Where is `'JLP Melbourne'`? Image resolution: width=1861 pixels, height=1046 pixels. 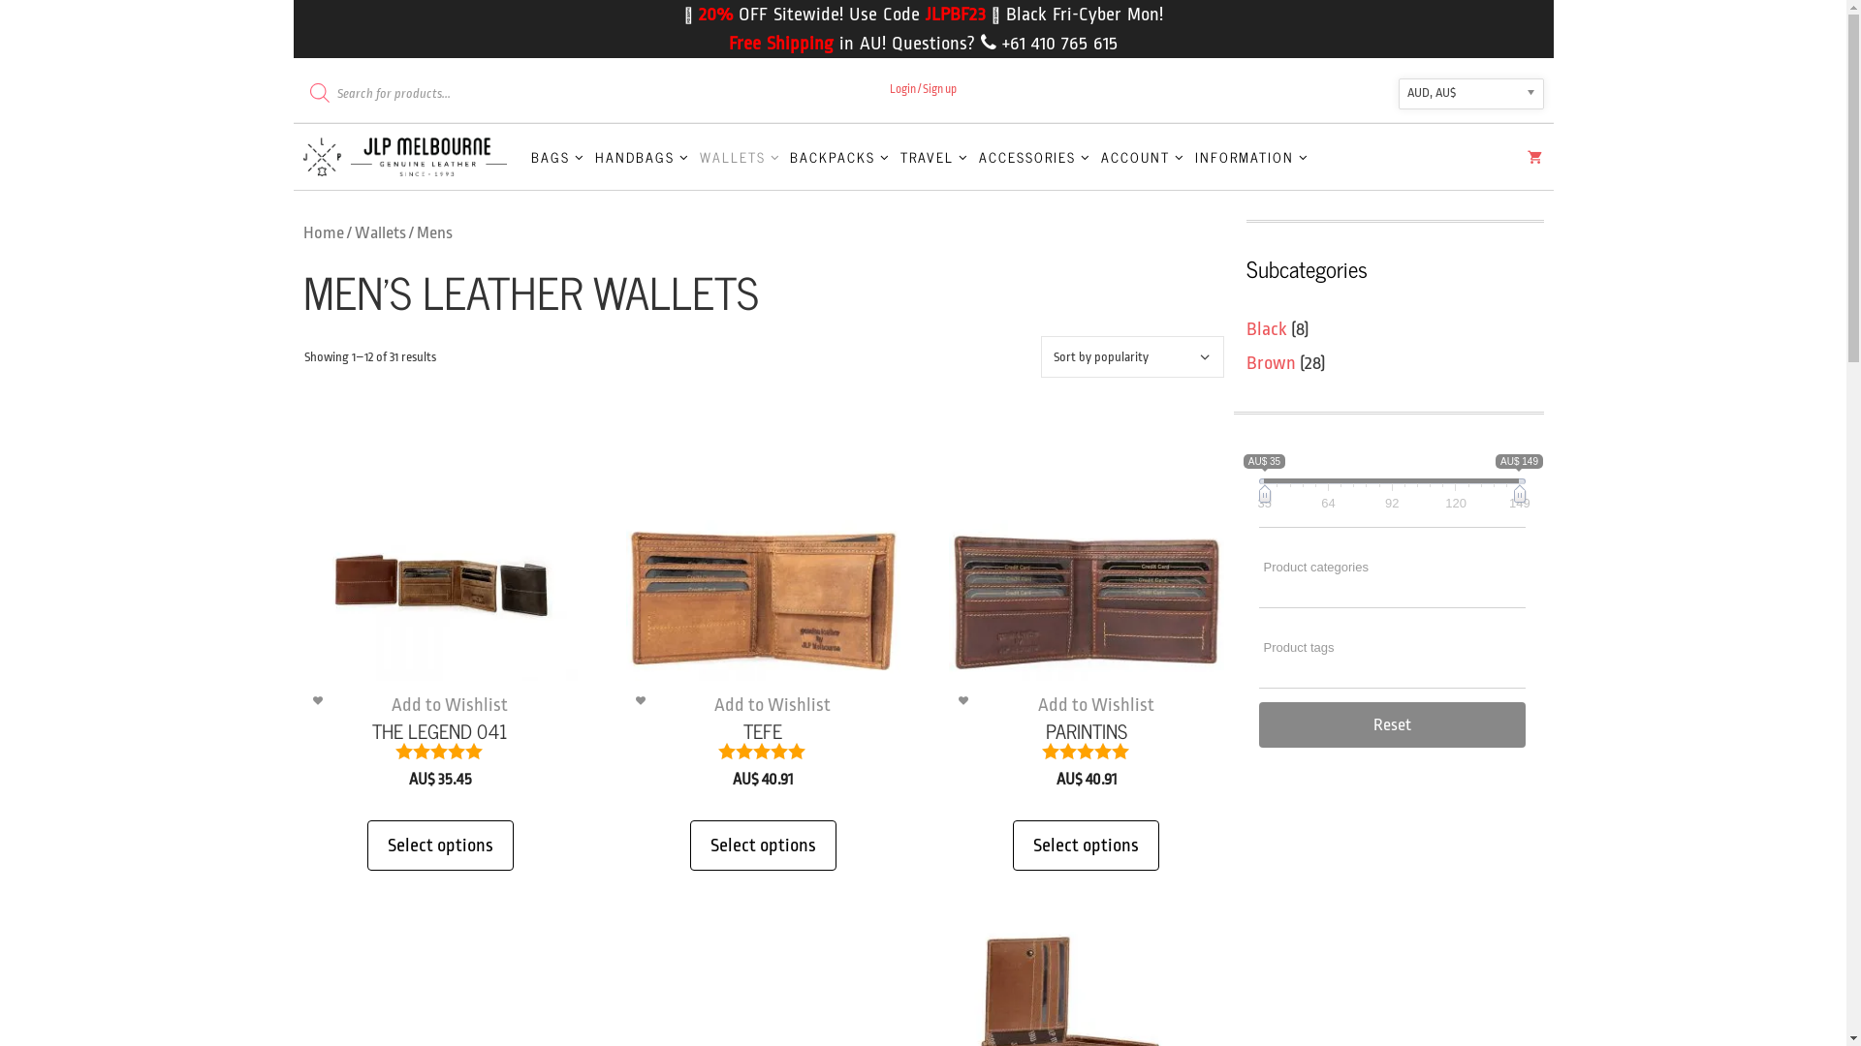
'JLP Melbourne' is located at coordinates (408, 156).